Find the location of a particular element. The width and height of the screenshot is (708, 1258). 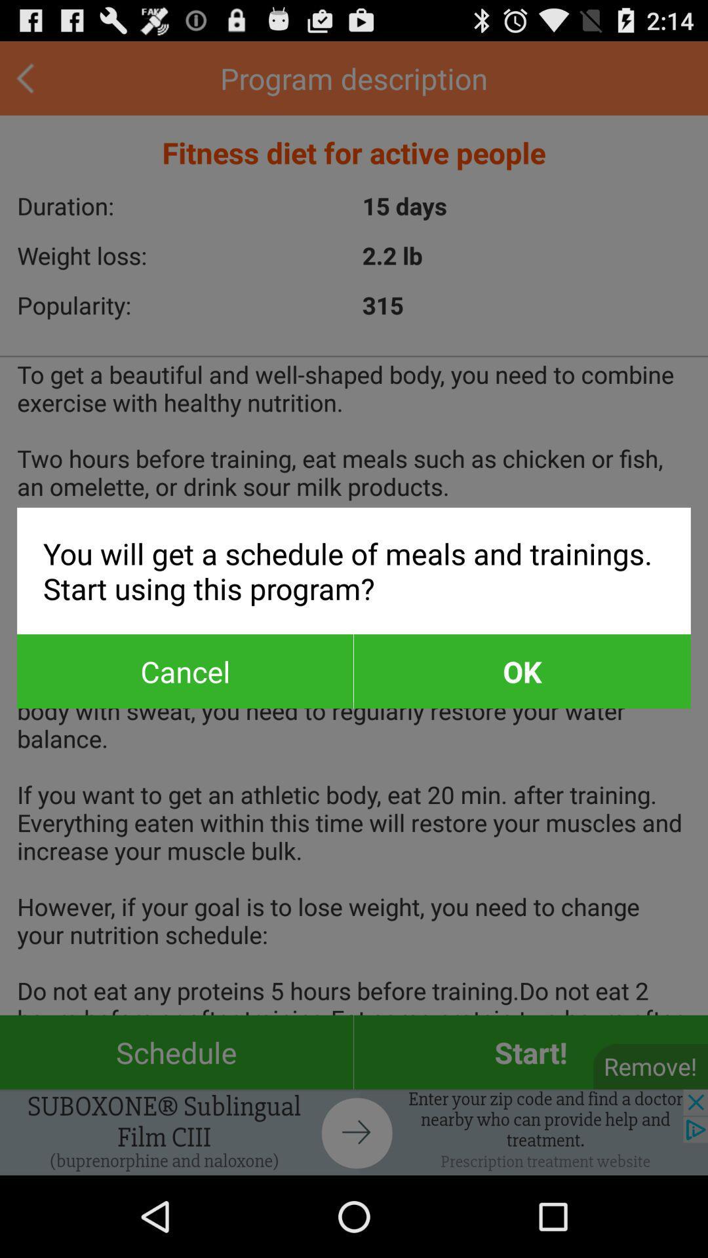

item on the left is located at coordinates (185, 671).